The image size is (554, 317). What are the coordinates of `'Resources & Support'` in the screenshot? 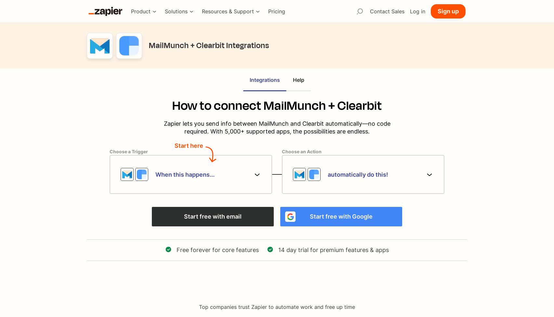 It's located at (228, 11).